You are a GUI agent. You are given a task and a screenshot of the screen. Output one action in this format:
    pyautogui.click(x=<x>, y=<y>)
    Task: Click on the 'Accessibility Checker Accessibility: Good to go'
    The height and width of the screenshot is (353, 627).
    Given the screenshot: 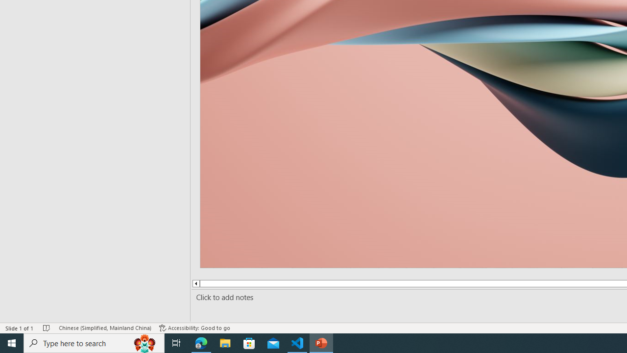 What is the action you would take?
    pyautogui.click(x=194, y=328)
    